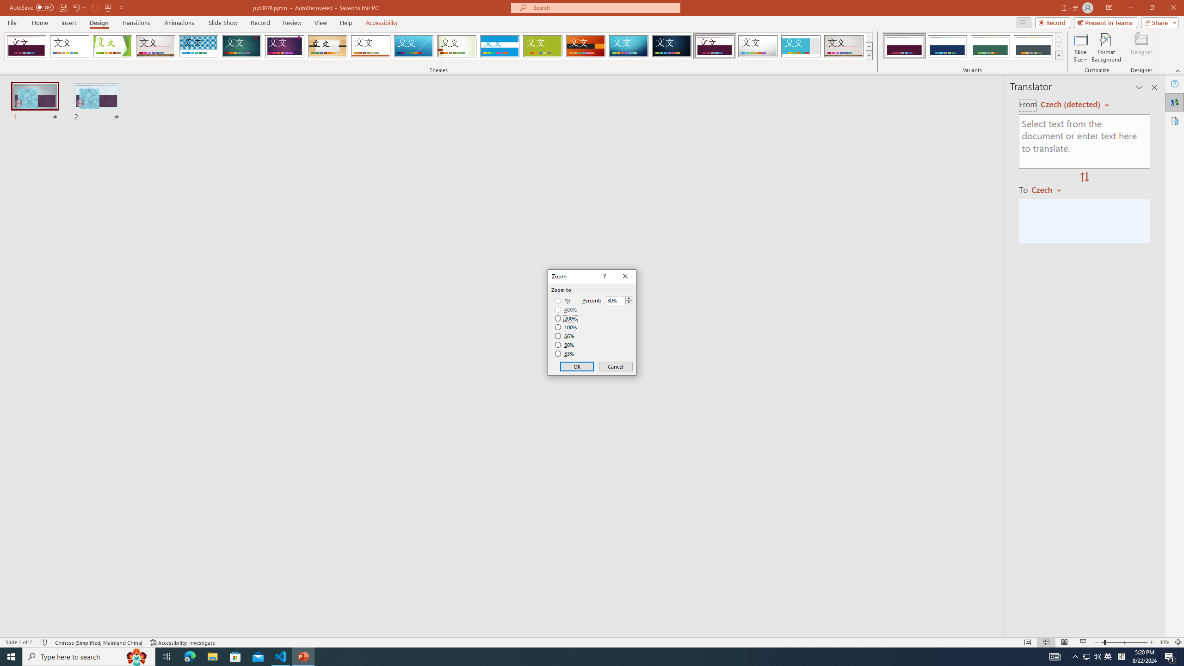 This screenshot has width=1184, height=666. What do you see at coordinates (284, 46) in the screenshot?
I see `'Ion Boardroom'` at bounding box center [284, 46].